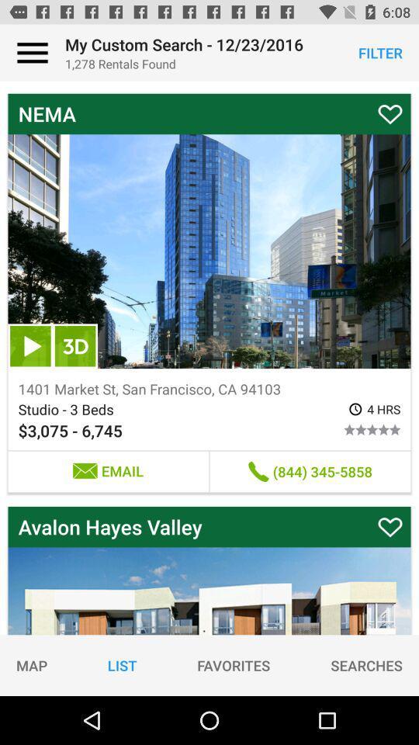 Image resolution: width=419 pixels, height=745 pixels. What do you see at coordinates (366, 664) in the screenshot?
I see `the icon to the right of the favorites icon` at bounding box center [366, 664].